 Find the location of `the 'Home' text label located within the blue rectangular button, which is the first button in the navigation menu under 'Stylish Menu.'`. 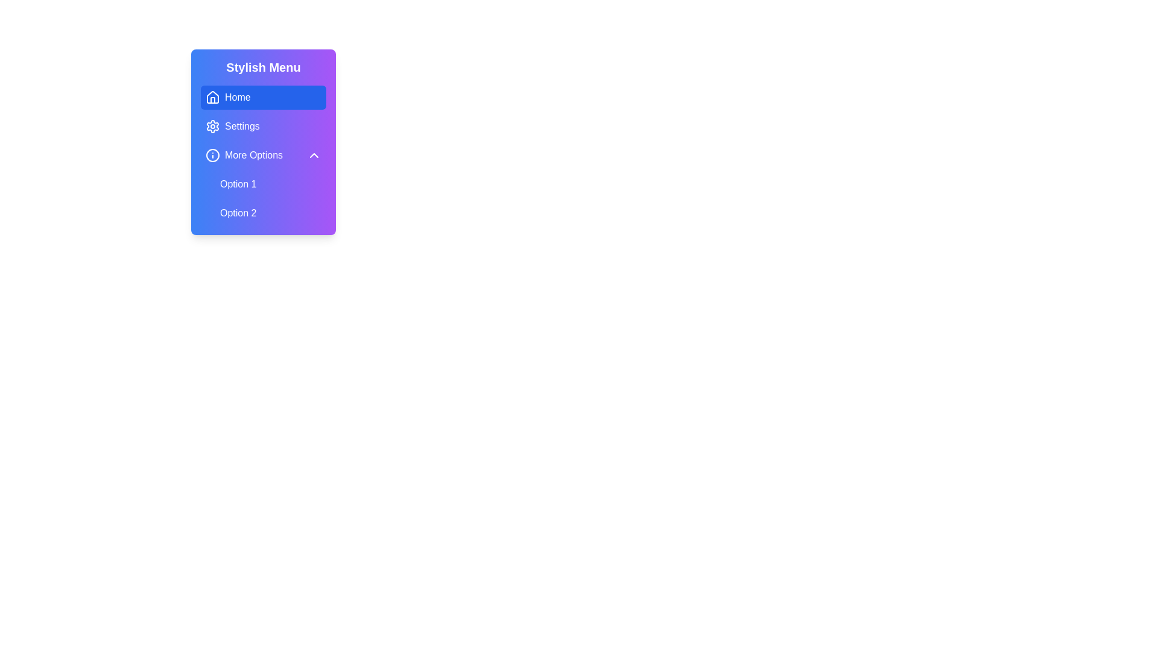

the 'Home' text label located within the blue rectangular button, which is the first button in the navigation menu under 'Stylish Menu.' is located at coordinates (238, 97).